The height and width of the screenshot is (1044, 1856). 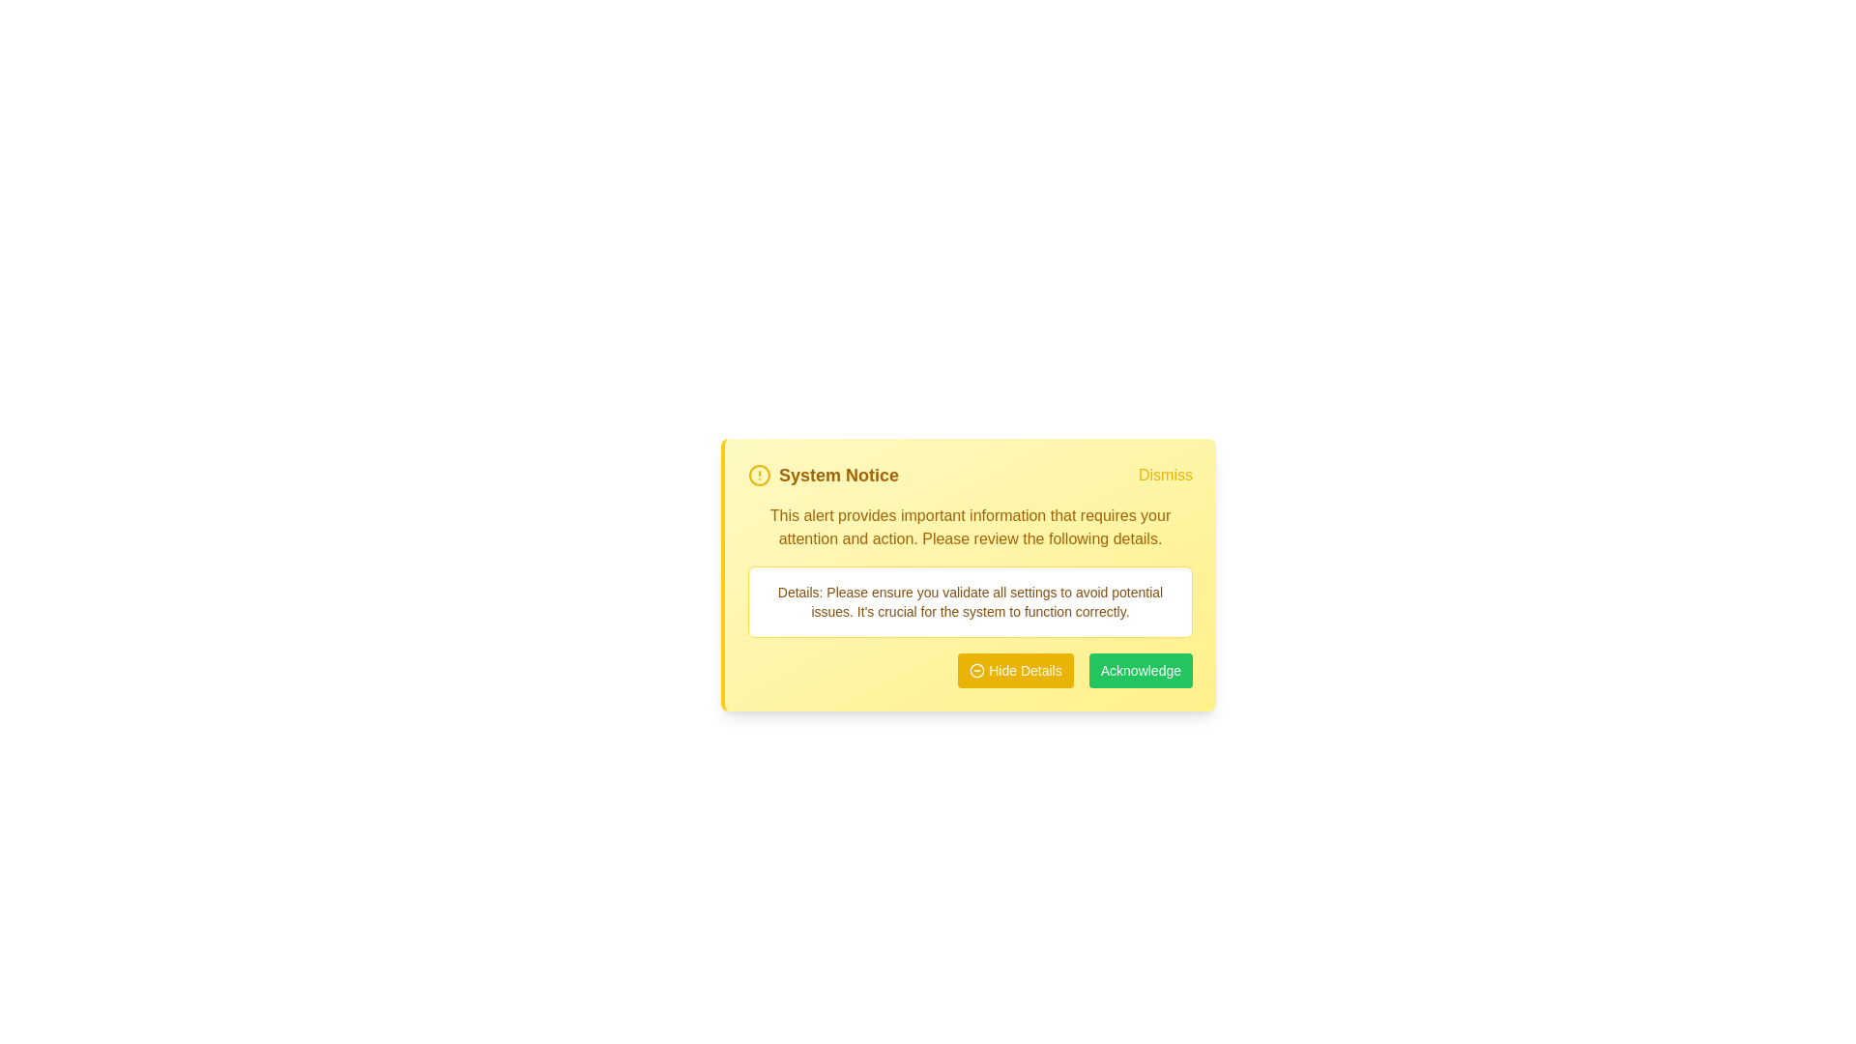 I want to click on the 'Hide Details' button to toggle the visibility of details in the alert component, so click(x=1015, y=670).